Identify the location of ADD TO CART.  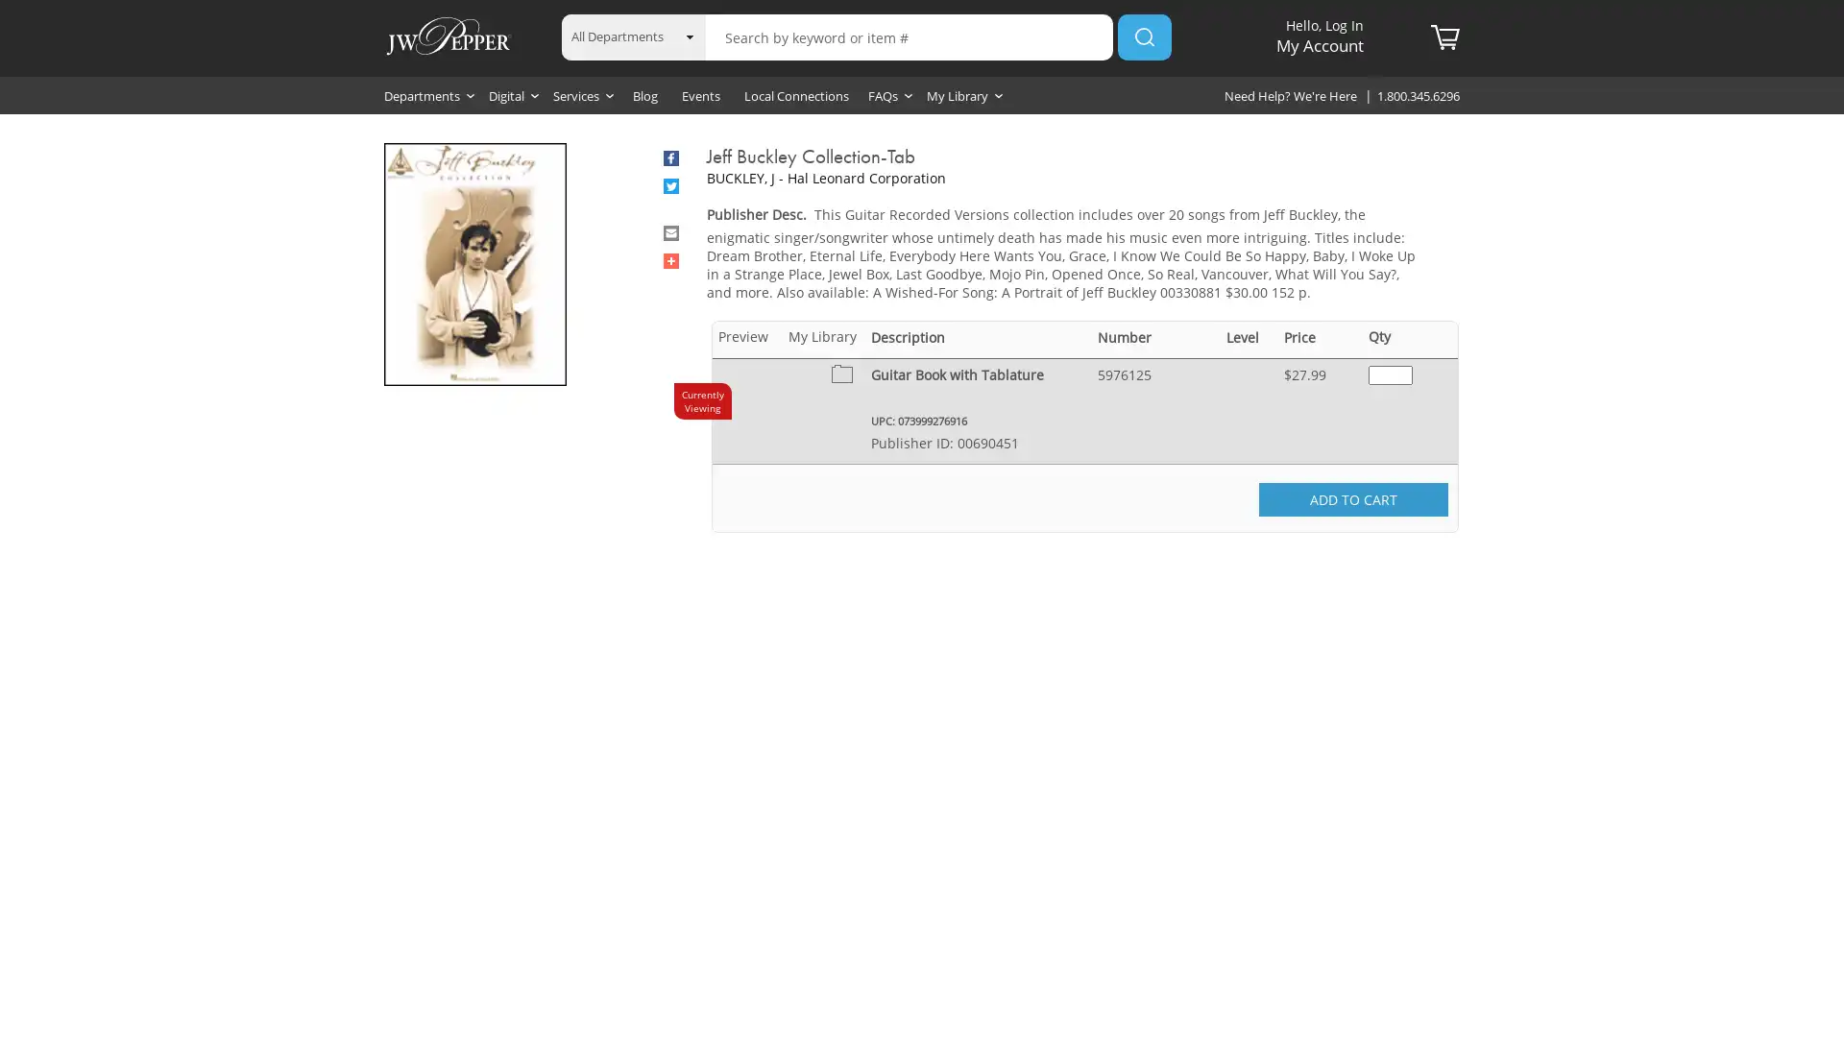
(1352, 497).